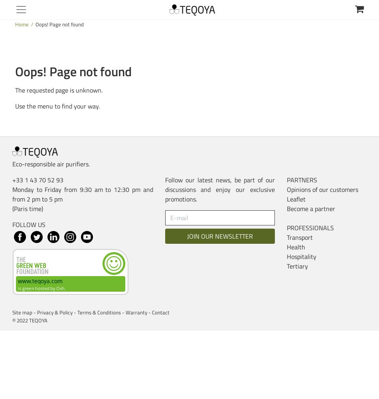 Image resolution: width=379 pixels, height=399 pixels. What do you see at coordinates (322, 189) in the screenshot?
I see `'Opinions of our customers'` at bounding box center [322, 189].